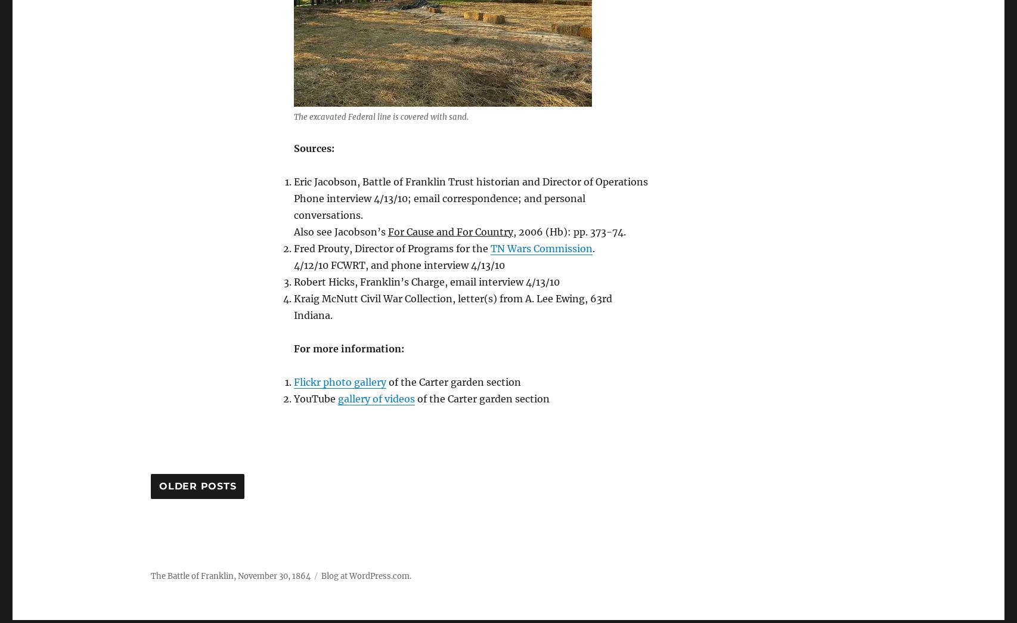 The height and width of the screenshot is (623, 1017). Describe the element at coordinates (339, 380) in the screenshot. I see `'Flickr photo gallery'` at that location.